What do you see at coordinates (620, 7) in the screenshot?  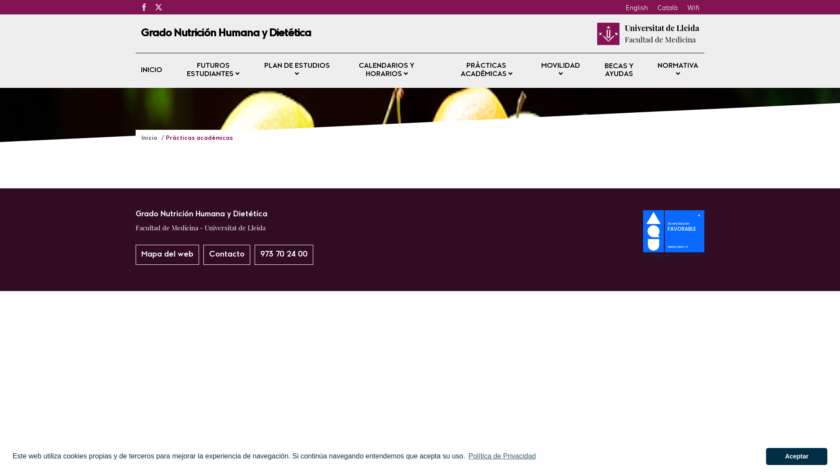 I see `'English'` at bounding box center [620, 7].